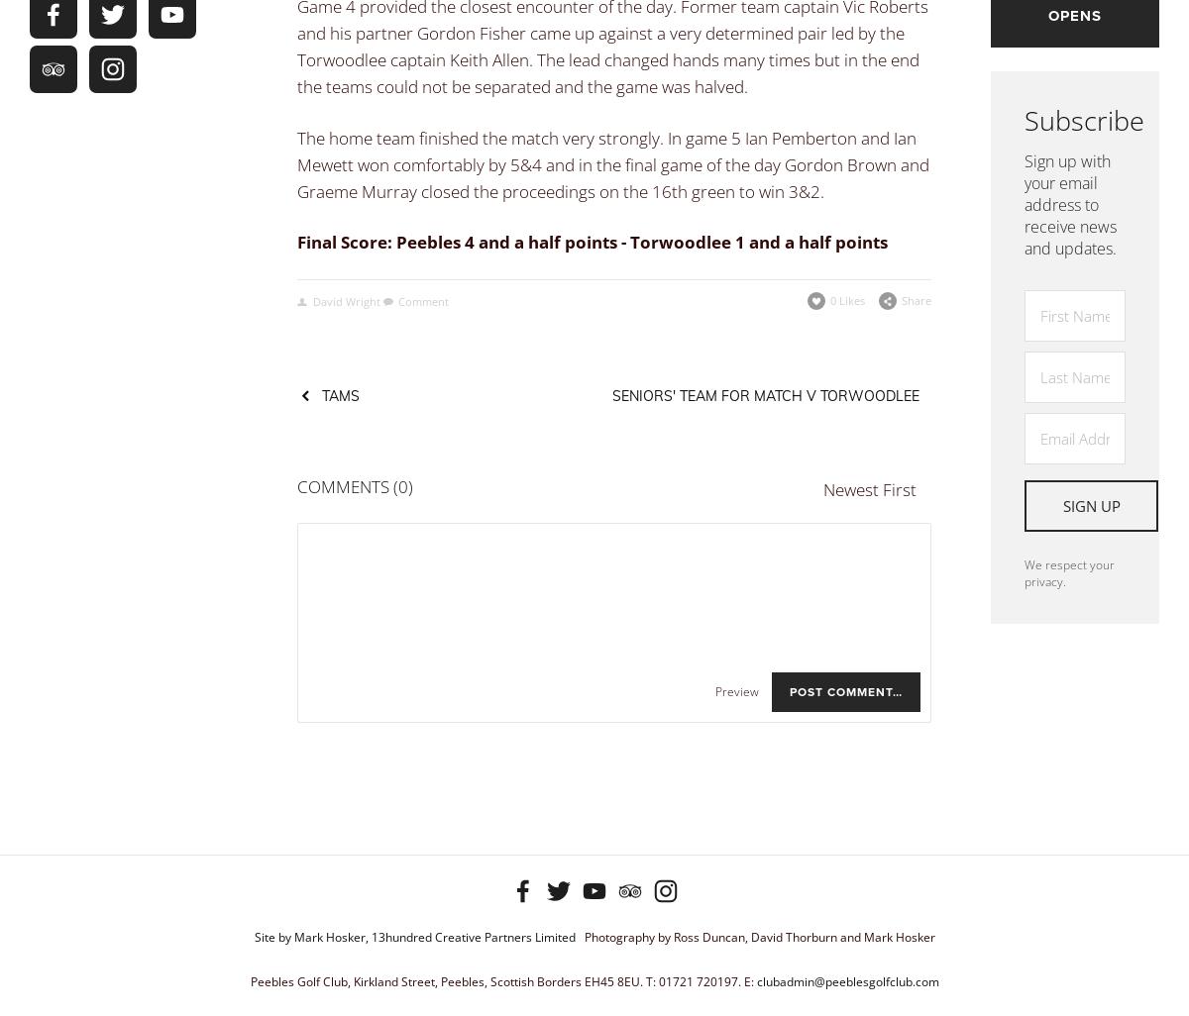  What do you see at coordinates (846, 980) in the screenshot?
I see `'clubadmin@peeblesgolfclub.com'` at bounding box center [846, 980].